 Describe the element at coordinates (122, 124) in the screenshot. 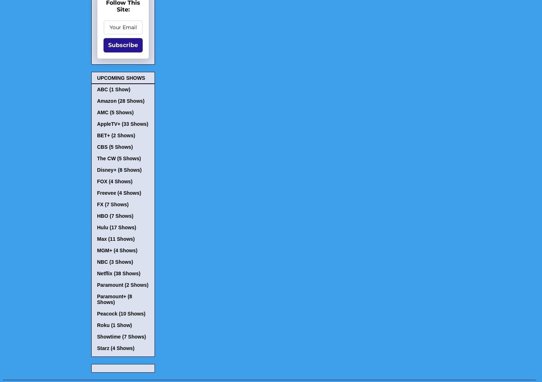

I see `'AppleTV+ (33 Shows)'` at that location.